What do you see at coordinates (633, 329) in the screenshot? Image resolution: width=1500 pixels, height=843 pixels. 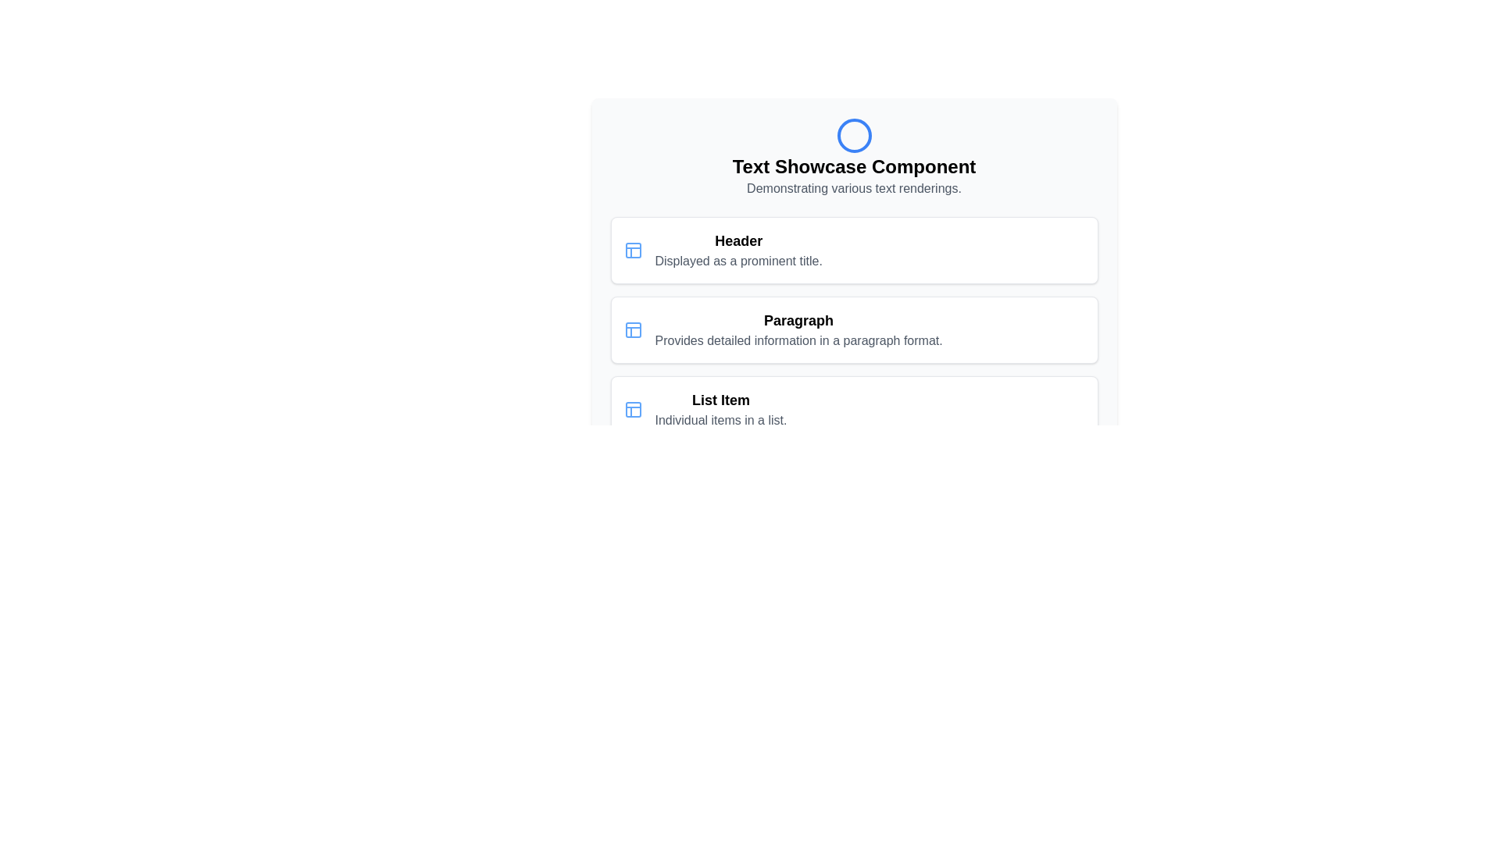 I see `the icon that visually identifies the 'Paragraph' section, located to the left of the text 'Provides detailed information in a paragraph format.'` at bounding box center [633, 329].